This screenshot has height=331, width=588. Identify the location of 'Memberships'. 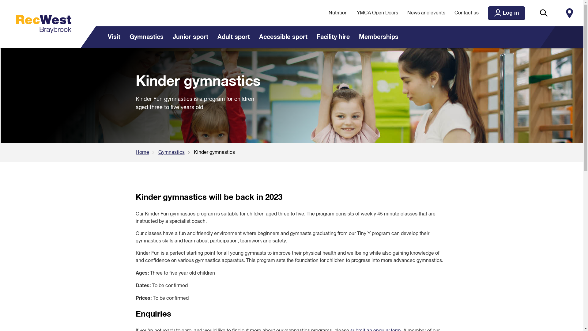
(378, 37).